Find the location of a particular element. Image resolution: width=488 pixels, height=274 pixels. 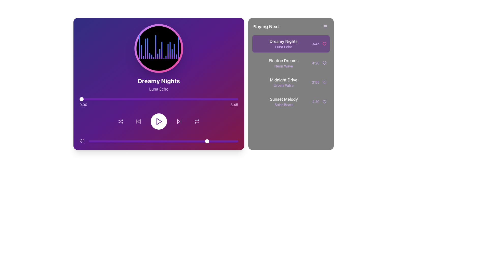

the 9th vertical bar in the bar chart, which has a gradient color transitioning from purple at the bottom to blue at the top and features a rounded top edge is located at coordinates (155, 47).